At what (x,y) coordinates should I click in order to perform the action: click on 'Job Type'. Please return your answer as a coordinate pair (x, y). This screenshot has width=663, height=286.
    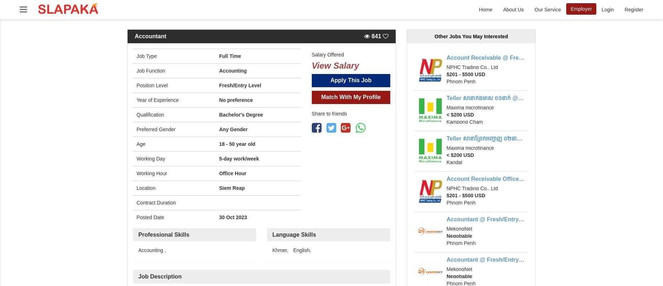
    Looking at the image, I should click on (136, 56).